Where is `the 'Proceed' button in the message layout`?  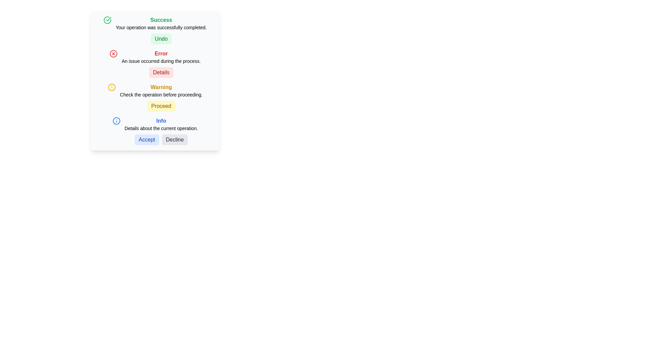 the 'Proceed' button in the message layout is located at coordinates (155, 97).